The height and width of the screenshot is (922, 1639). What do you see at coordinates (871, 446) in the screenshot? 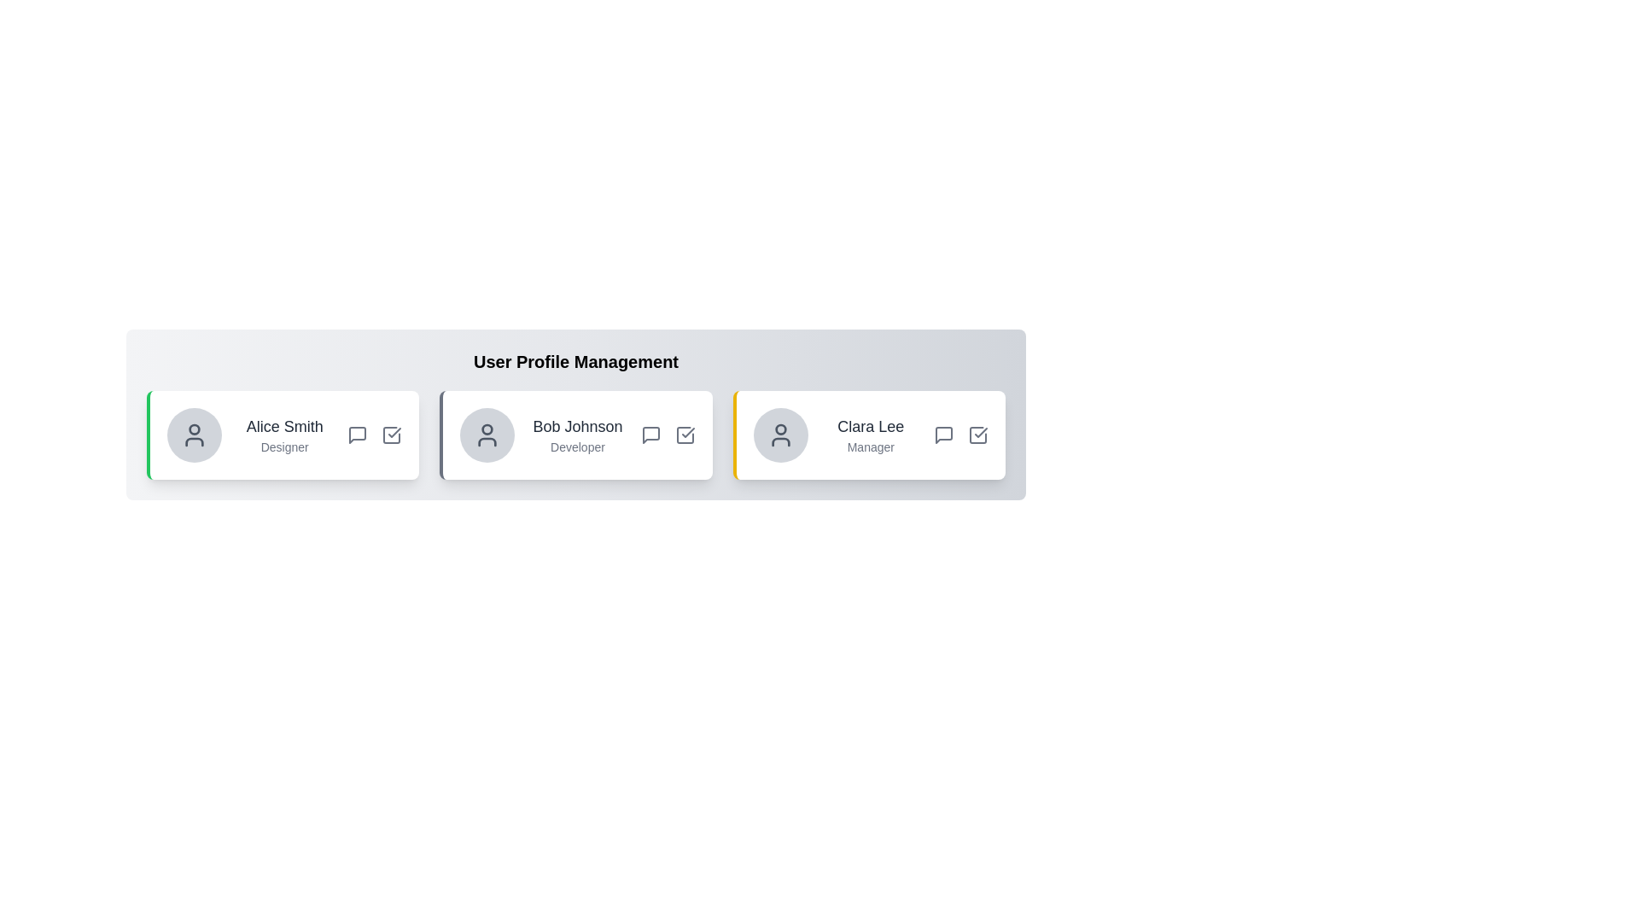
I see `the text label that reads 'Manager', which is styled in a small, light-gray font and located beneath the name 'Clara Lee' within a user role card layout` at bounding box center [871, 446].